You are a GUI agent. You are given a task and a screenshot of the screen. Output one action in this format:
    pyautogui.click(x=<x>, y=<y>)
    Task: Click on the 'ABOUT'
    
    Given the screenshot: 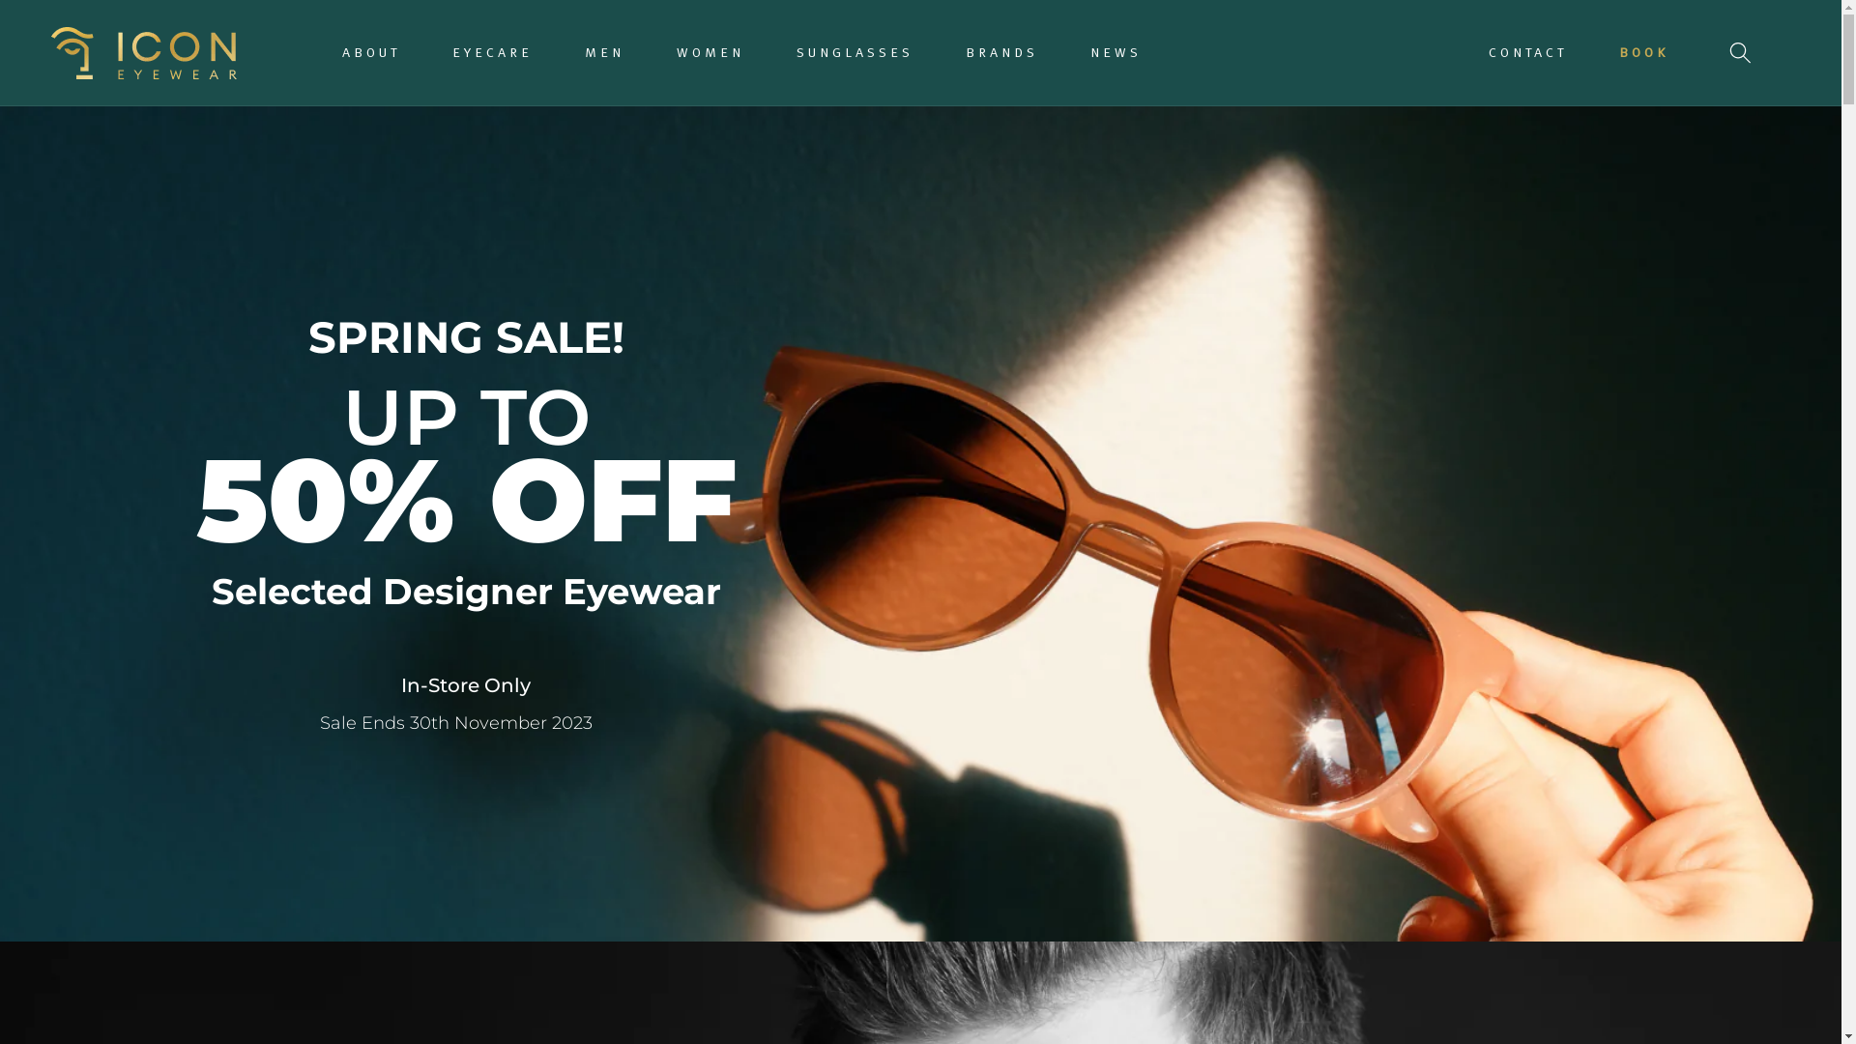 What is the action you would take?
    pyautogui.click(x=371, y=51)
    